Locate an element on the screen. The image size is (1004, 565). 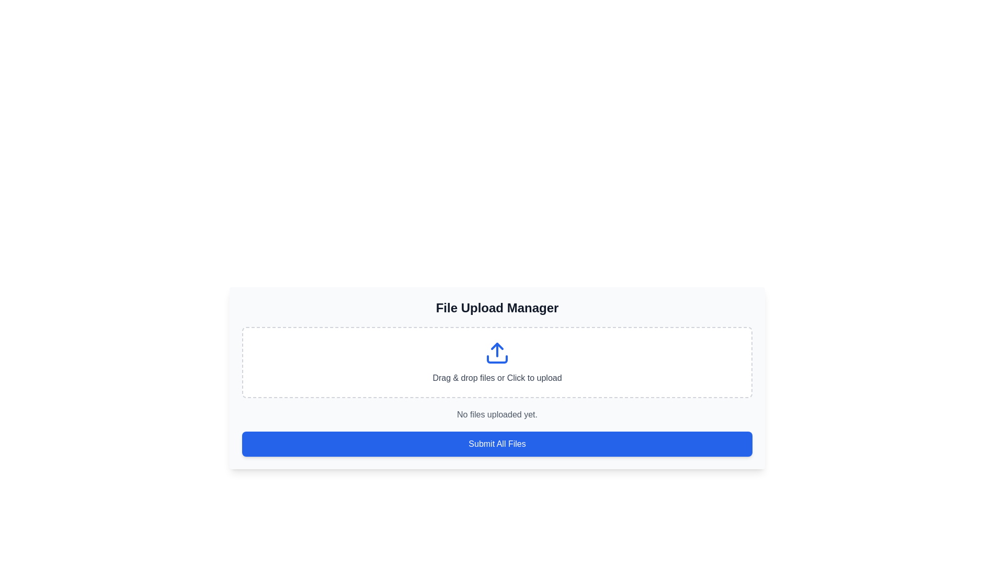
the Header Text element, which serves as the title of the section at the top of the interface is located at coordinates (496, 308).